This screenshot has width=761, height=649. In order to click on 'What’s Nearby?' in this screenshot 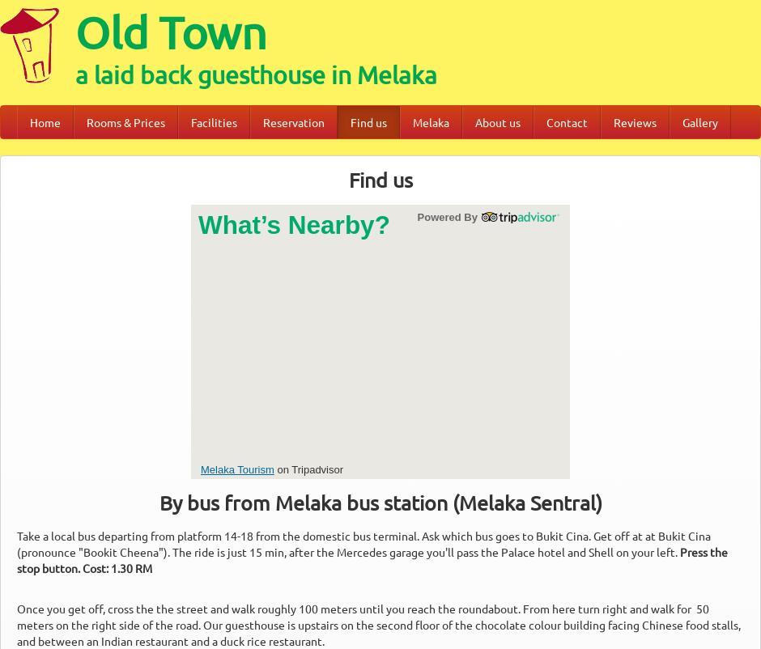, I will do `click(293, 224)`.